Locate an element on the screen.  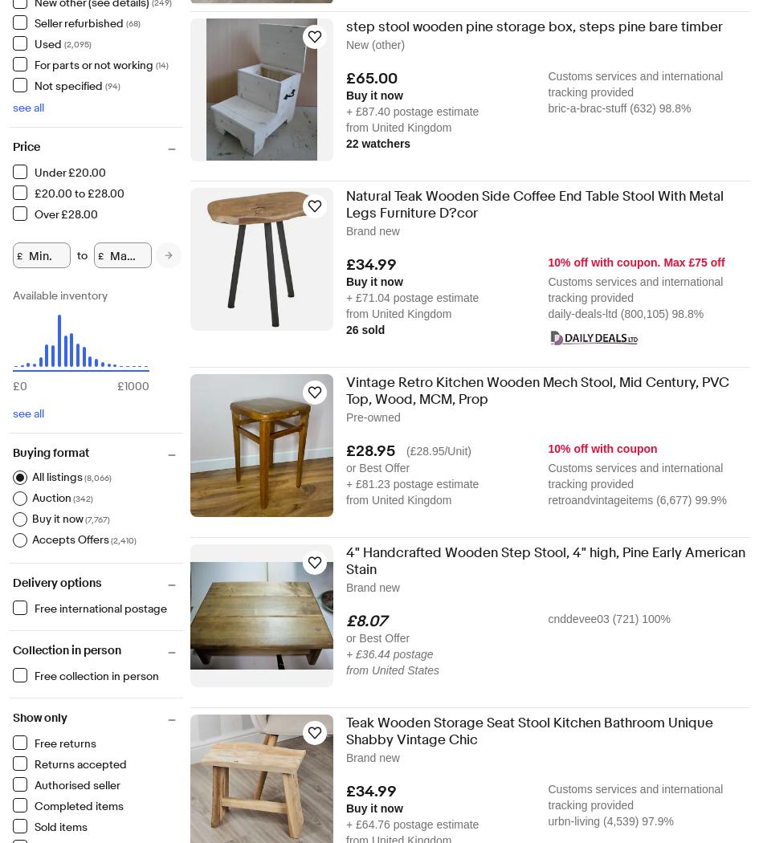
'to' is located at coordinates (82, 255).